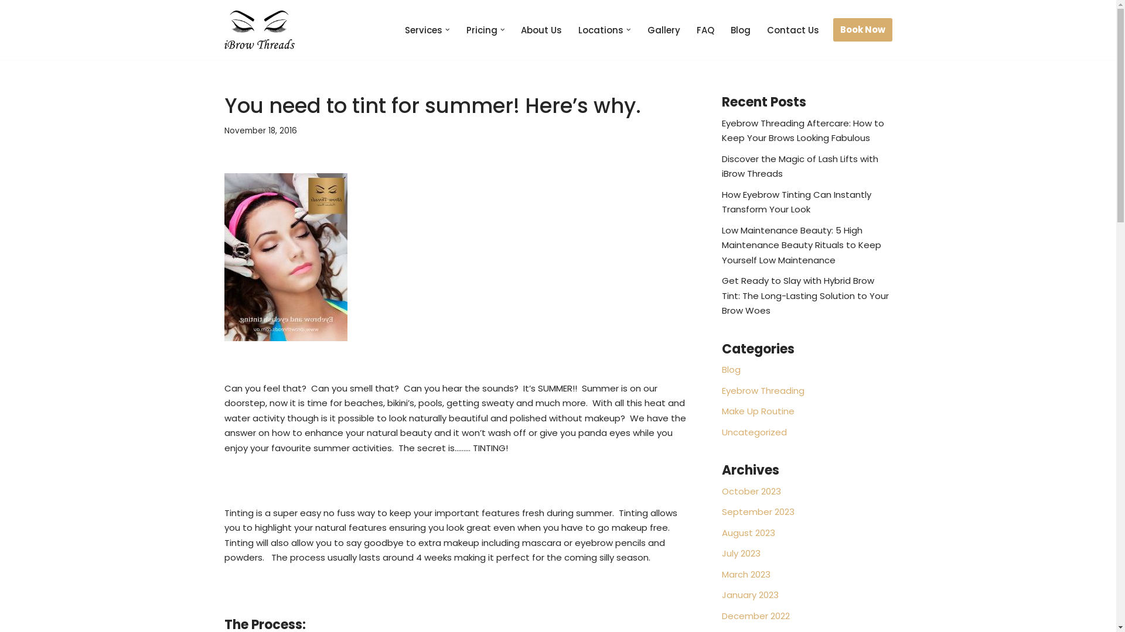 Image resolution: width=1125 pixels, height=632 pixels. What do you see at coordinates (704, 29) in the screenshot?
I see `'FAQ'` at bounding box center [704, 29].